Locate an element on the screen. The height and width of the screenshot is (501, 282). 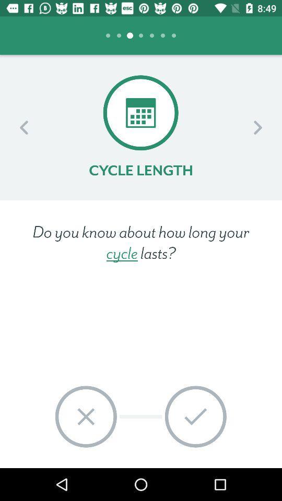
the arrow_forward icon is located at coordinates (257, 127).